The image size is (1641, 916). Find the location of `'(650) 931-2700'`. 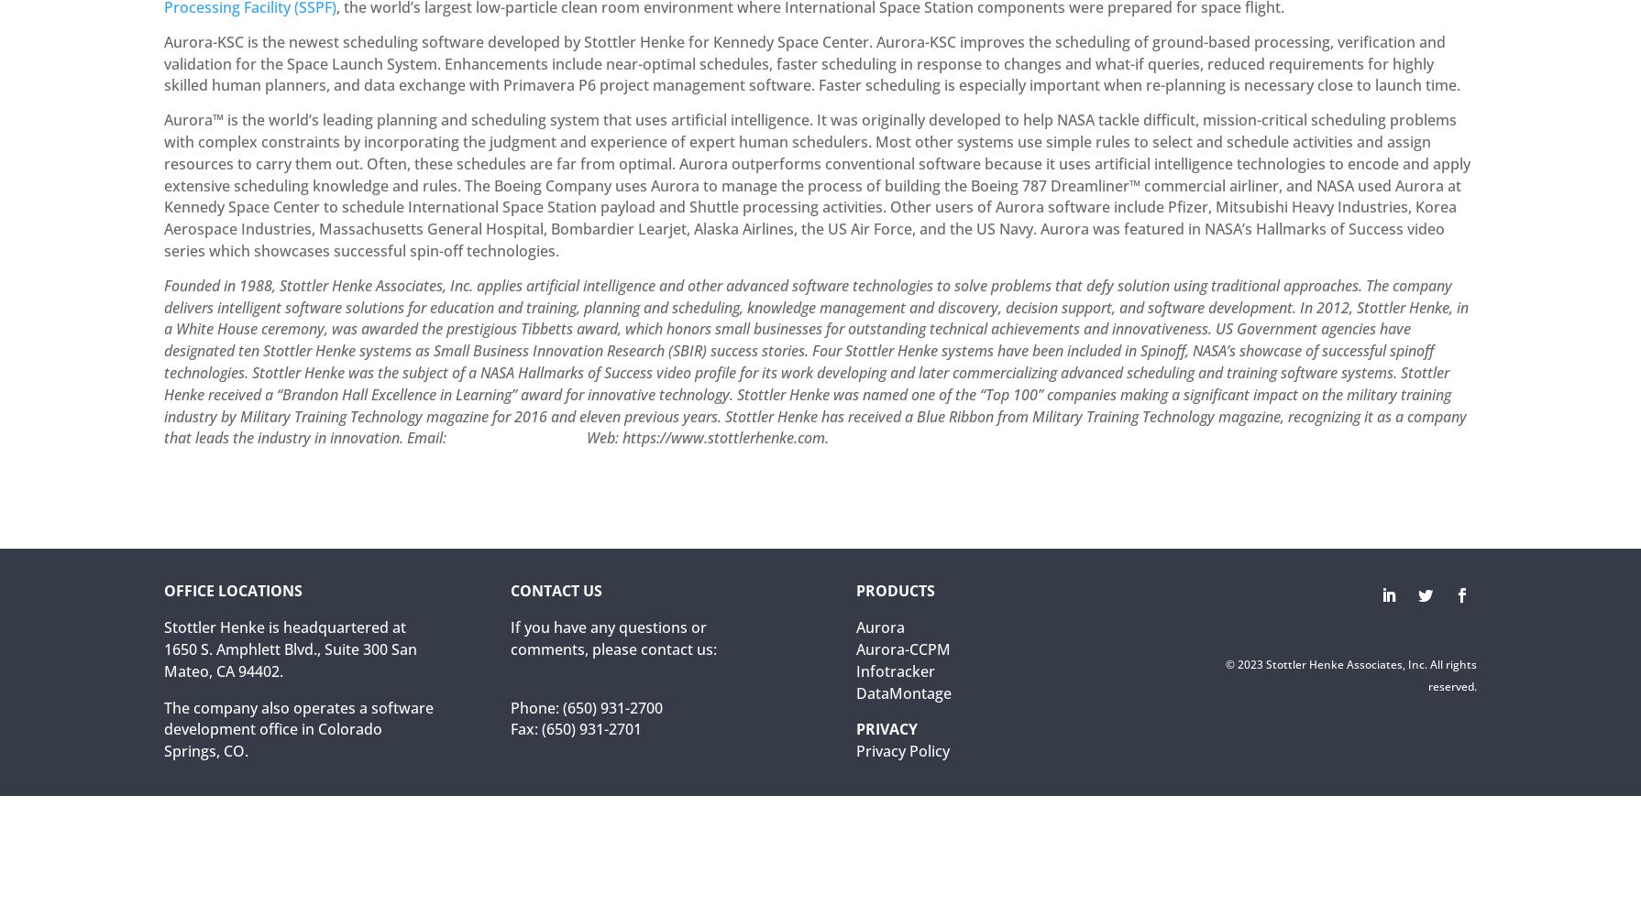

'(650) 931-2700' is located at coordinates (611, 707).